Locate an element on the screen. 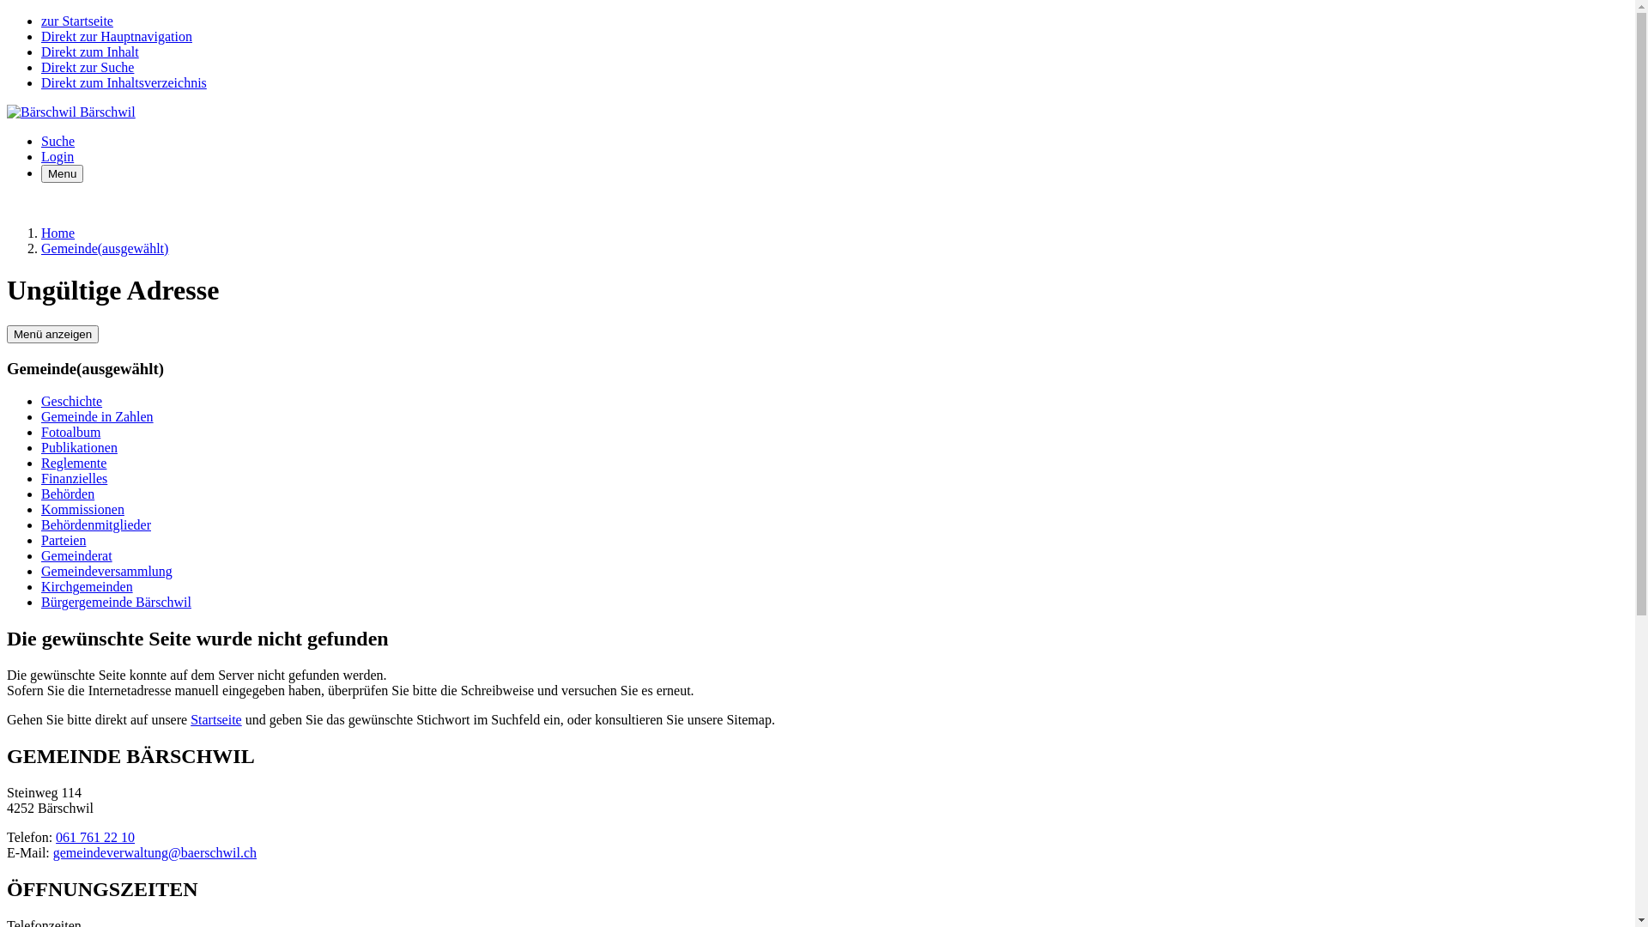  'Login' is located at coordinates (41, 156).